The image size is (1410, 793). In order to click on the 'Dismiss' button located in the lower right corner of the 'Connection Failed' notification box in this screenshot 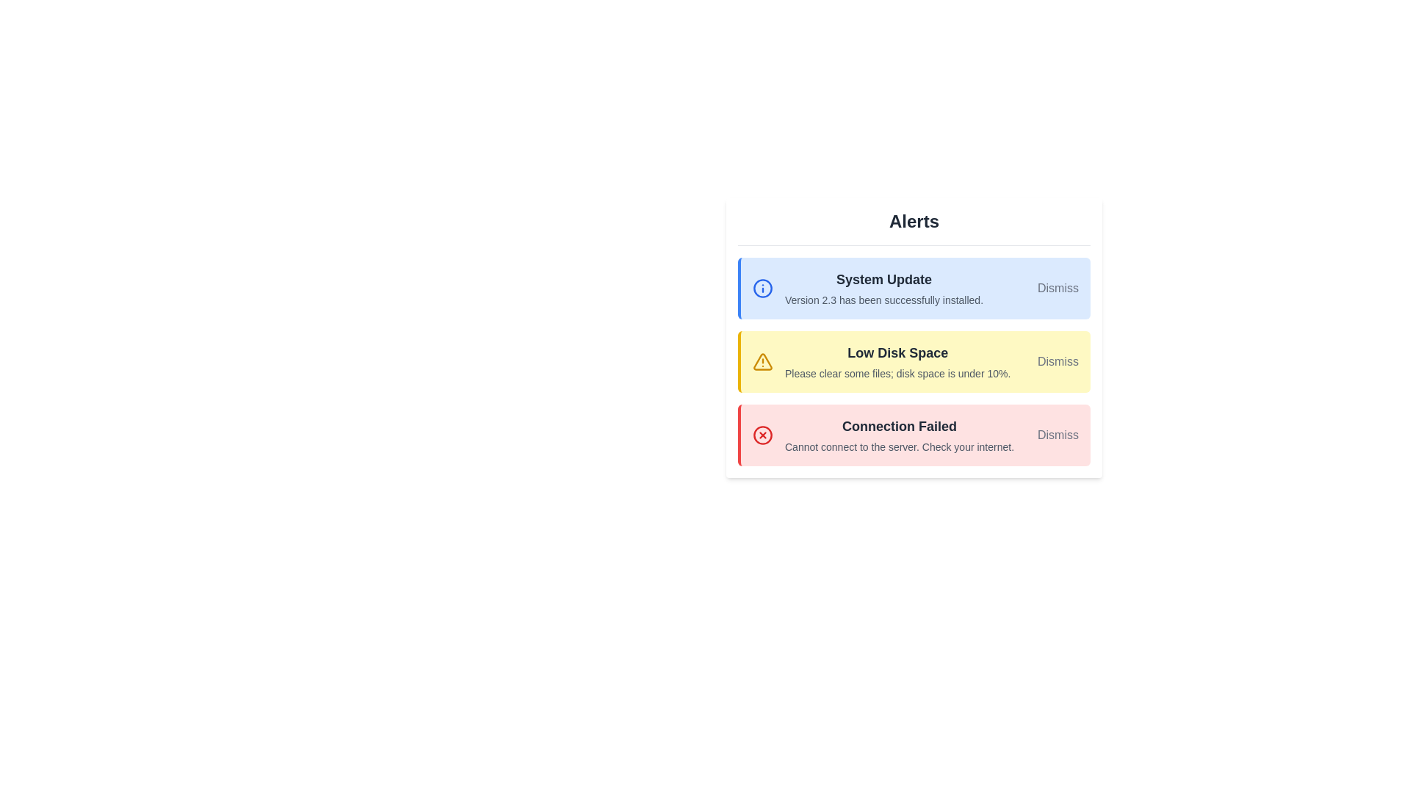, I will do `click(1057, 435)`.